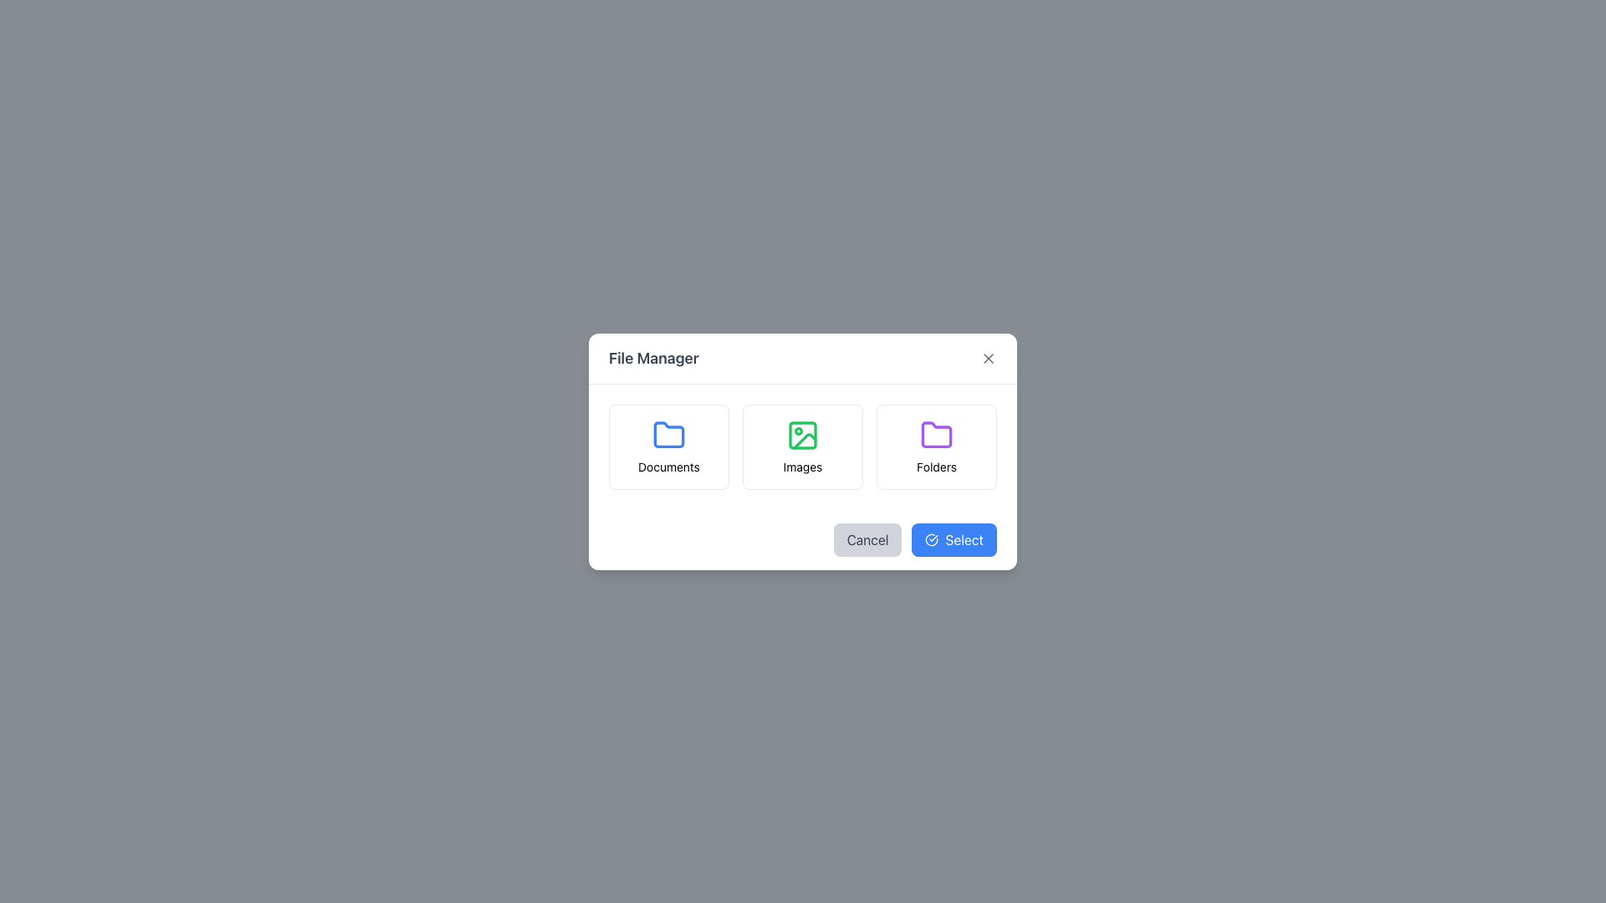 The width and height of the screenshot is (1606, 903). What do you see at coordinates (803, 467) in the screenshot?
I see `label text that identifies the 'Images' section, located centrally in the modal dialog below the green image icon` at bounding box center [803, 467].